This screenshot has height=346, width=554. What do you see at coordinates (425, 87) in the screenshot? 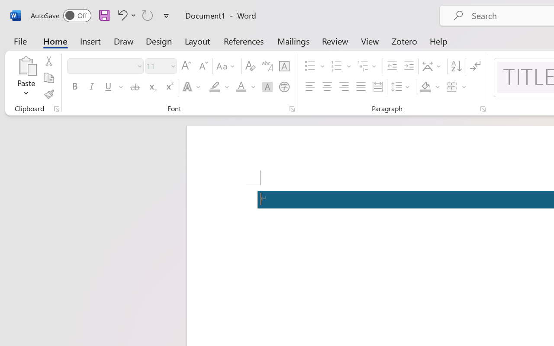
I see `'Shading No Color'` at bounding box center [425, 87].